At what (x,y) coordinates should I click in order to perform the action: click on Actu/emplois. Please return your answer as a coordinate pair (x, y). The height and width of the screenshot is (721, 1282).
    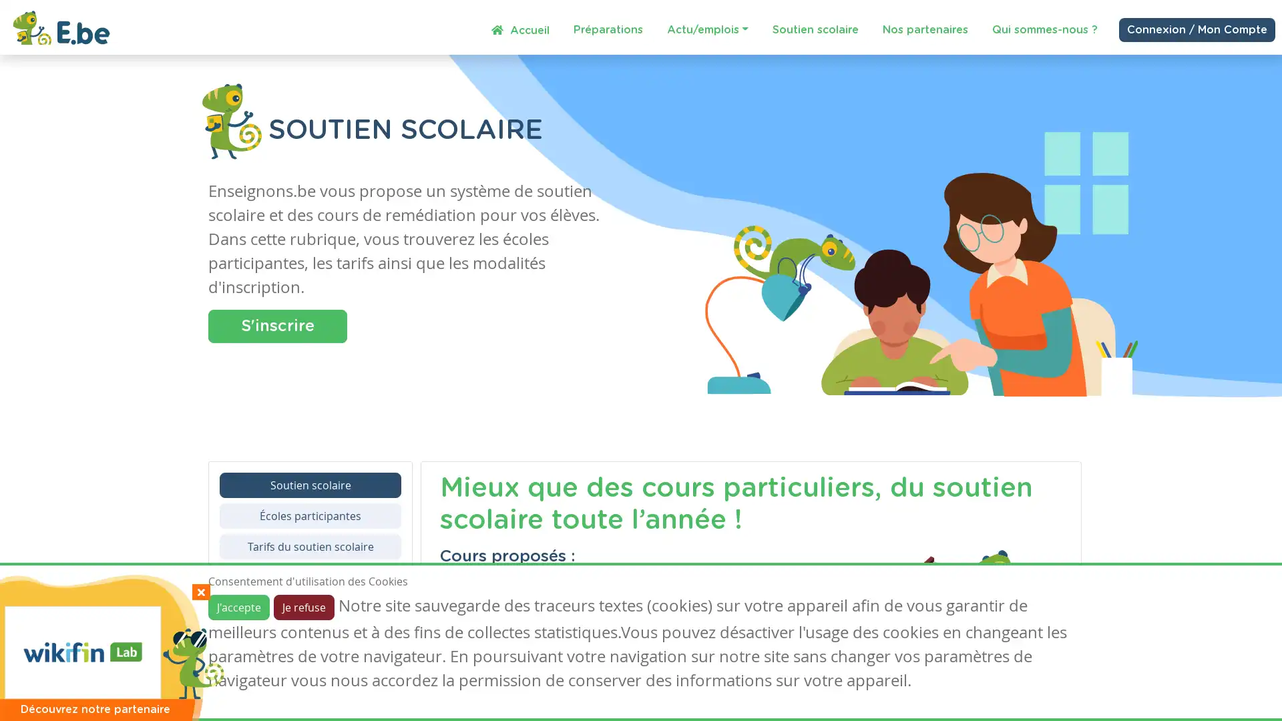
    Looking at the image, I should click on (707, 29).